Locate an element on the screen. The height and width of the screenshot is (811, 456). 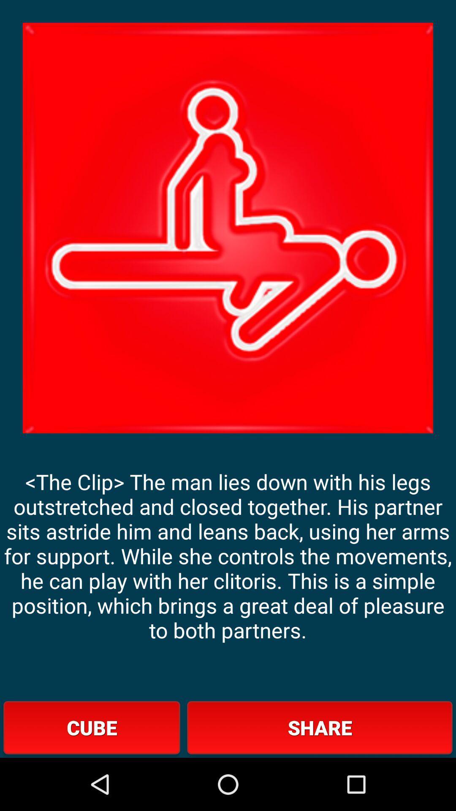
the share is located at coordinates (320, 727).